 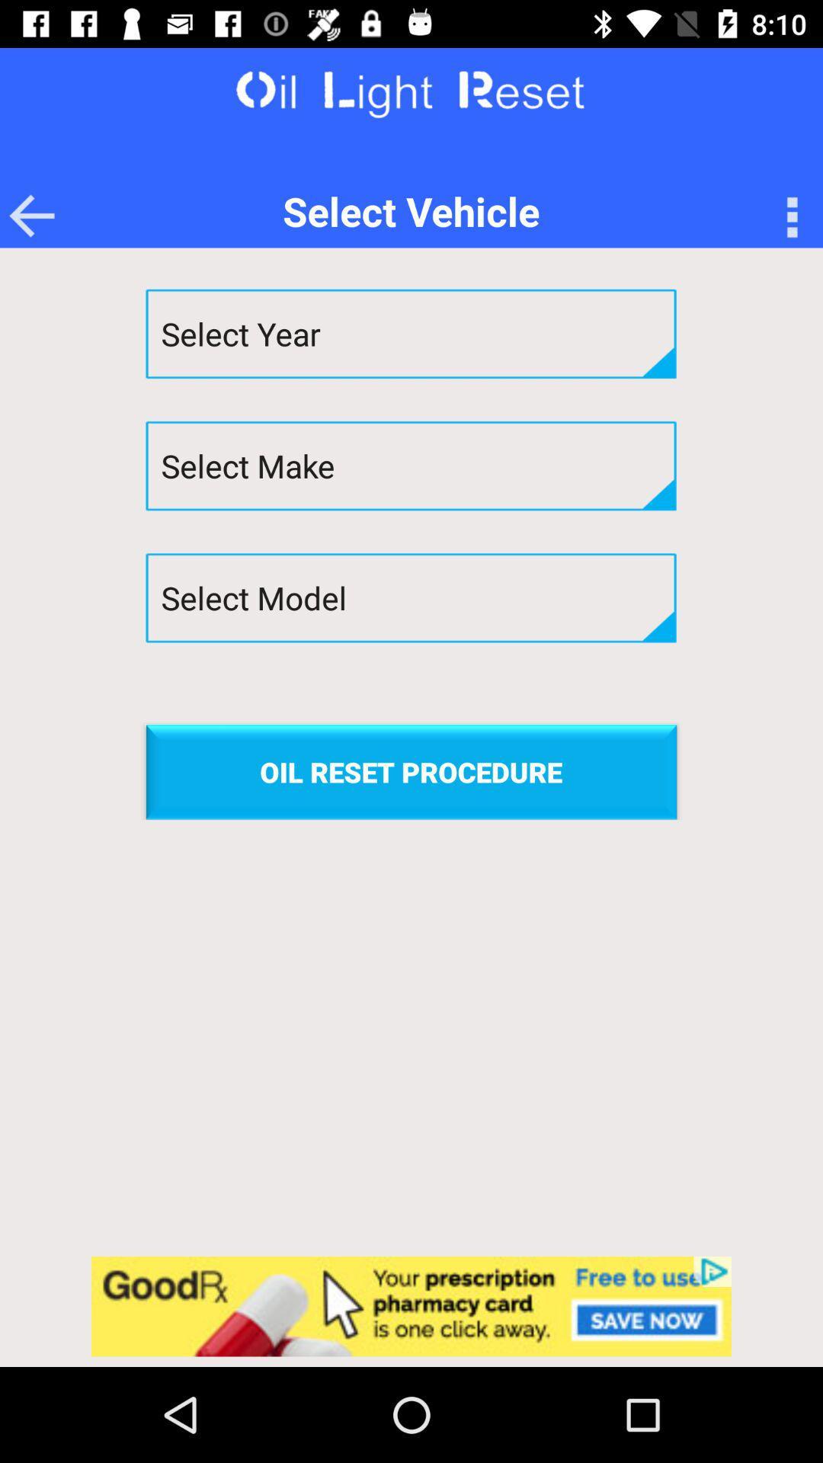 I want to click on the more icon, so click(x=789, y=215).